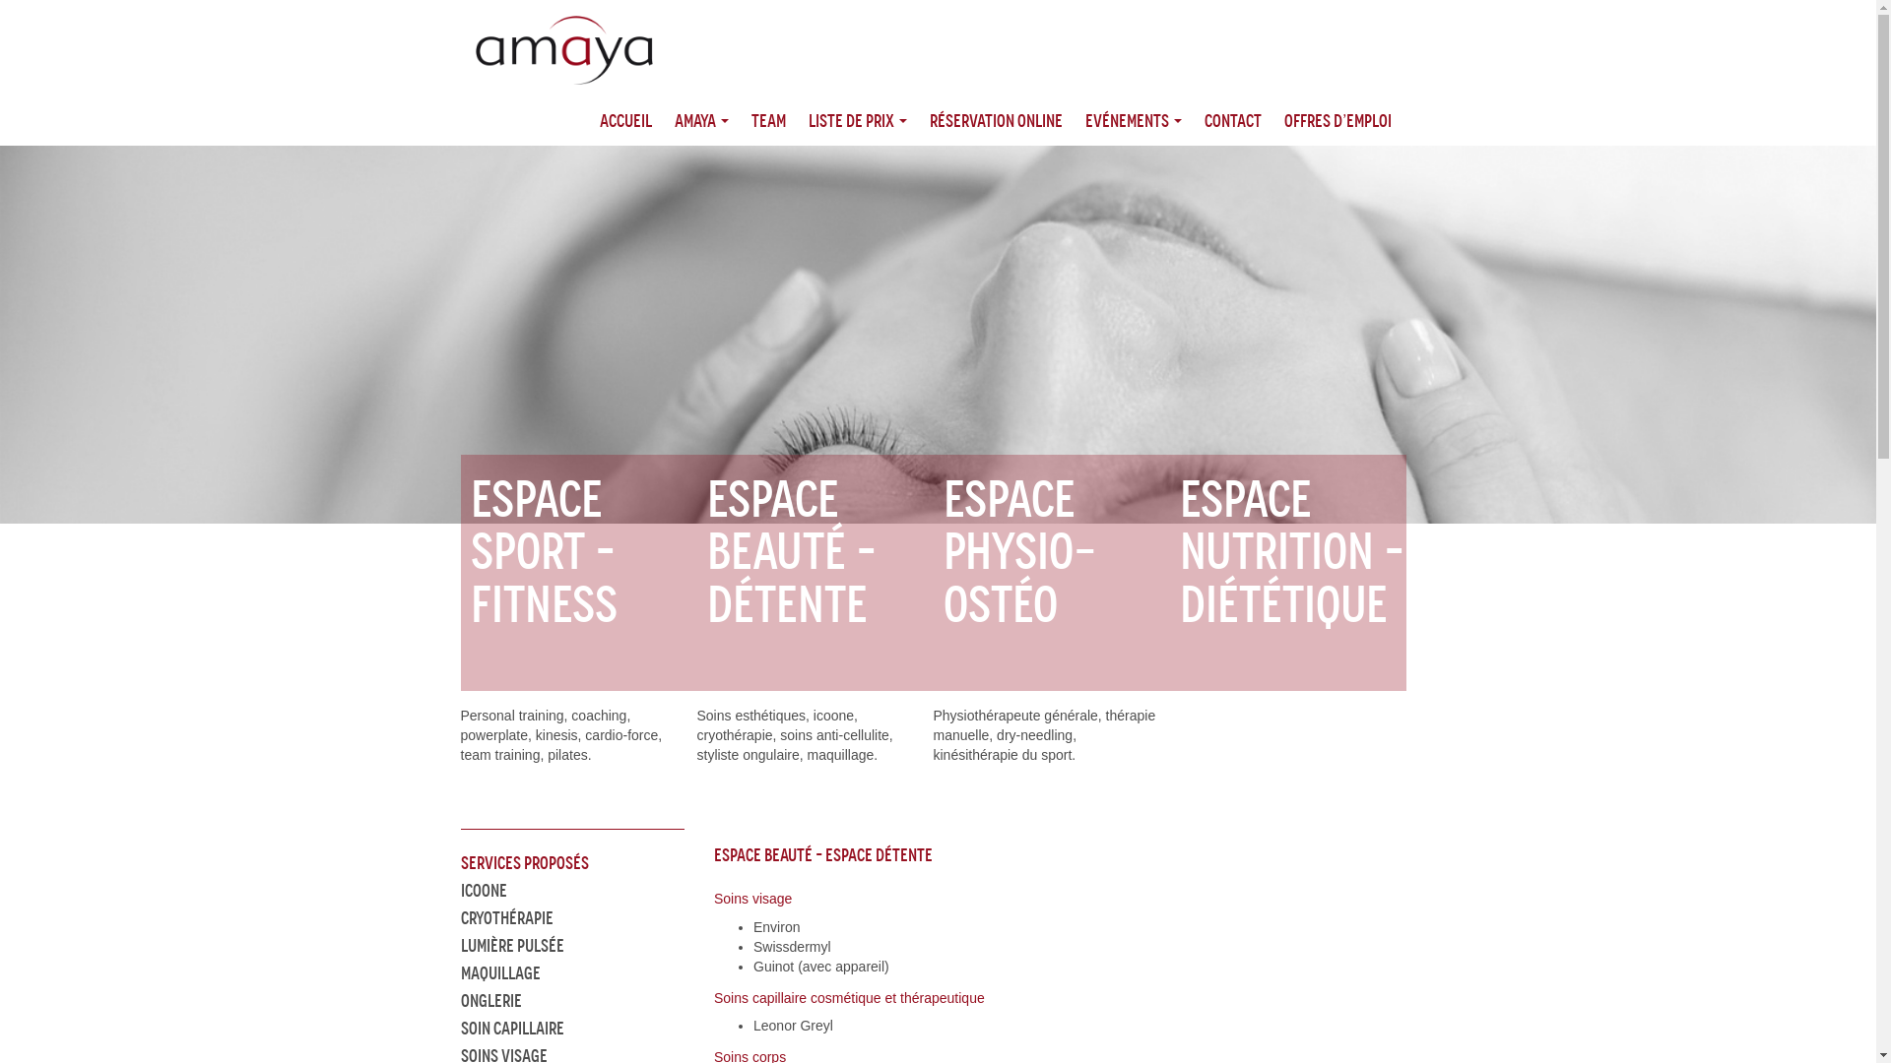 This screenshot has height=1063, width=1891. Describe the element at coordinates (500, 971) in the screenshot. I see `'MAQUILLAGE'` at that location.